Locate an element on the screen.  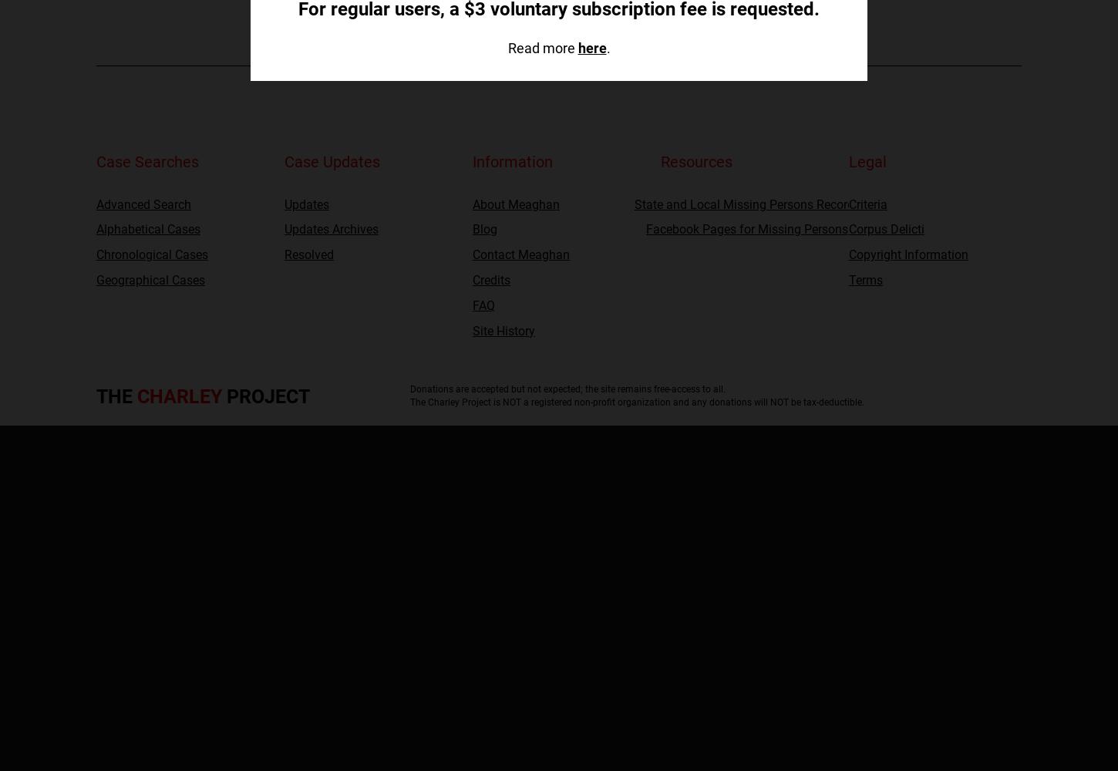
'.' is located at coordinates (608, 47).